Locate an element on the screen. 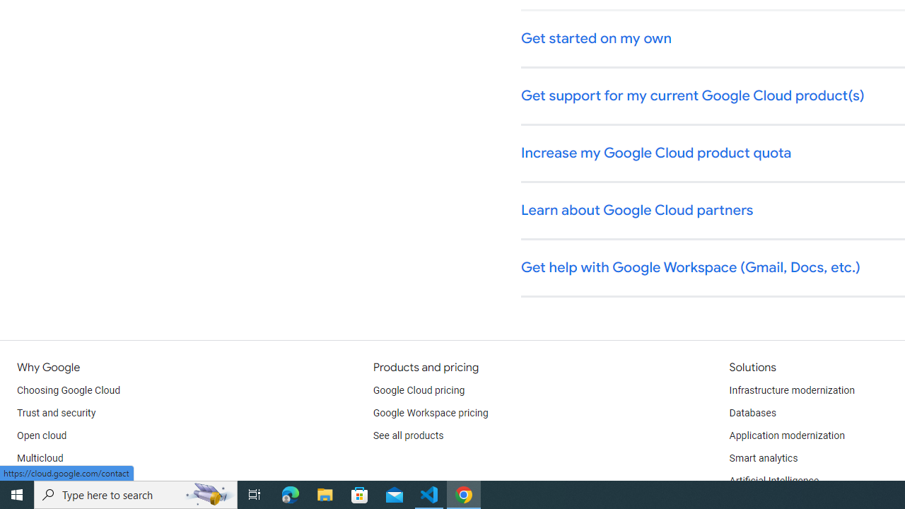 The image size is (905, 509). 'Open cloud' is located at coordinates (42, 435).